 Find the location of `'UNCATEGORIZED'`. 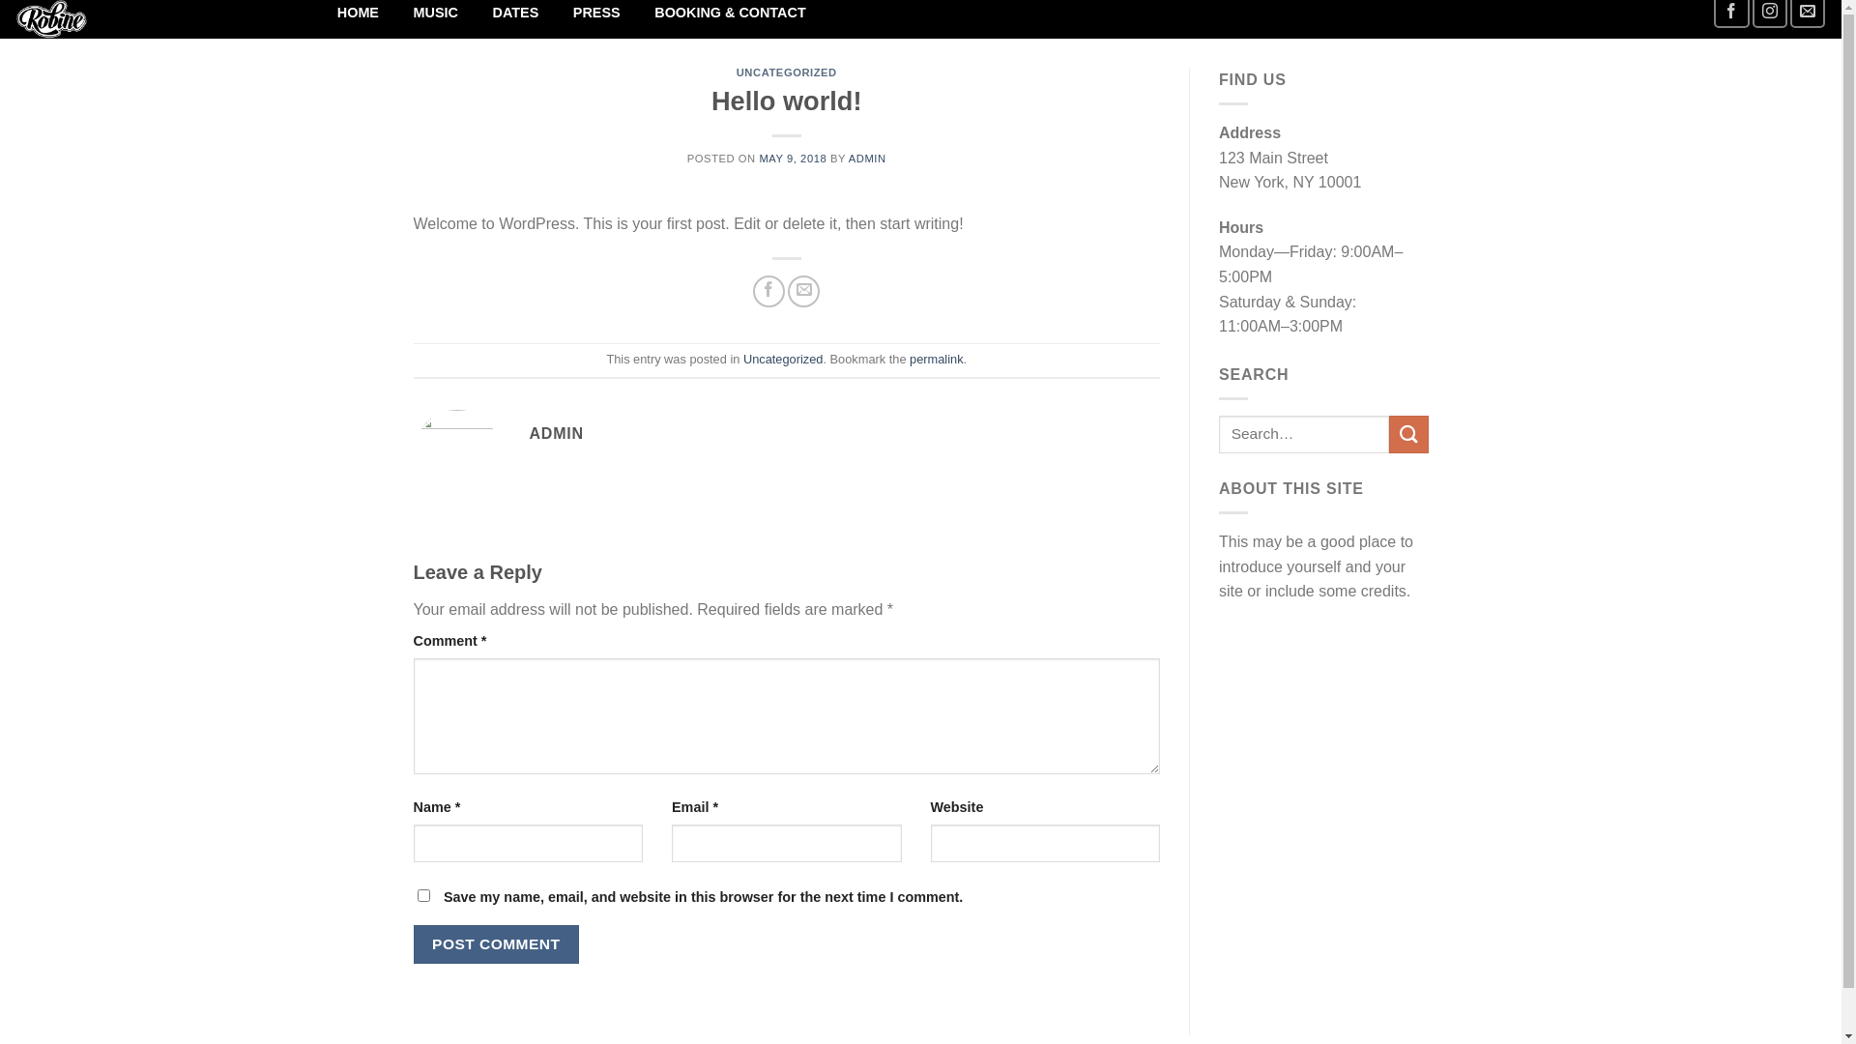

'UNCATEGORIZED' is located at coordinates (787, 71).